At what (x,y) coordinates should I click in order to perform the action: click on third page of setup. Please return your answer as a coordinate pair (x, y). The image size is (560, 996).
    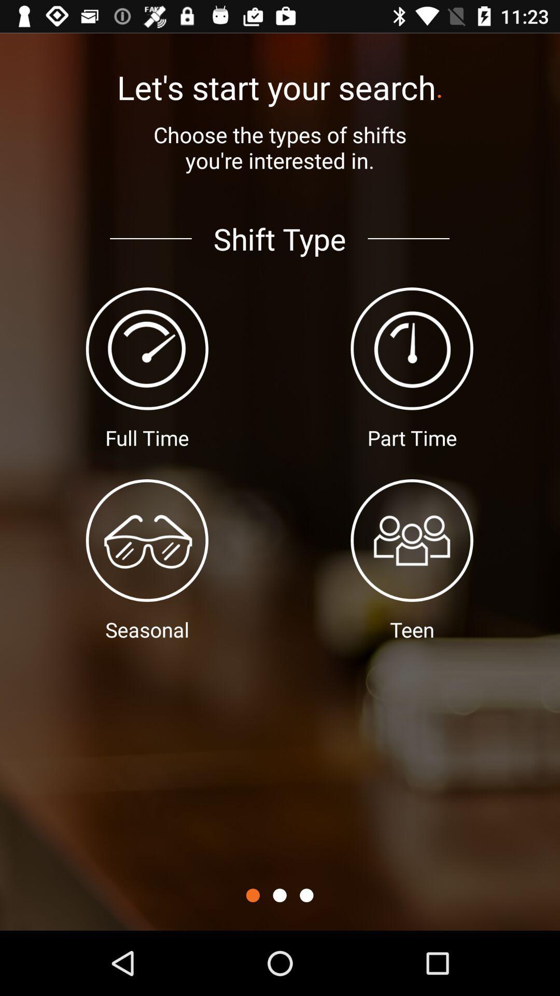
    Looking at the image, I should click on (306, 895).